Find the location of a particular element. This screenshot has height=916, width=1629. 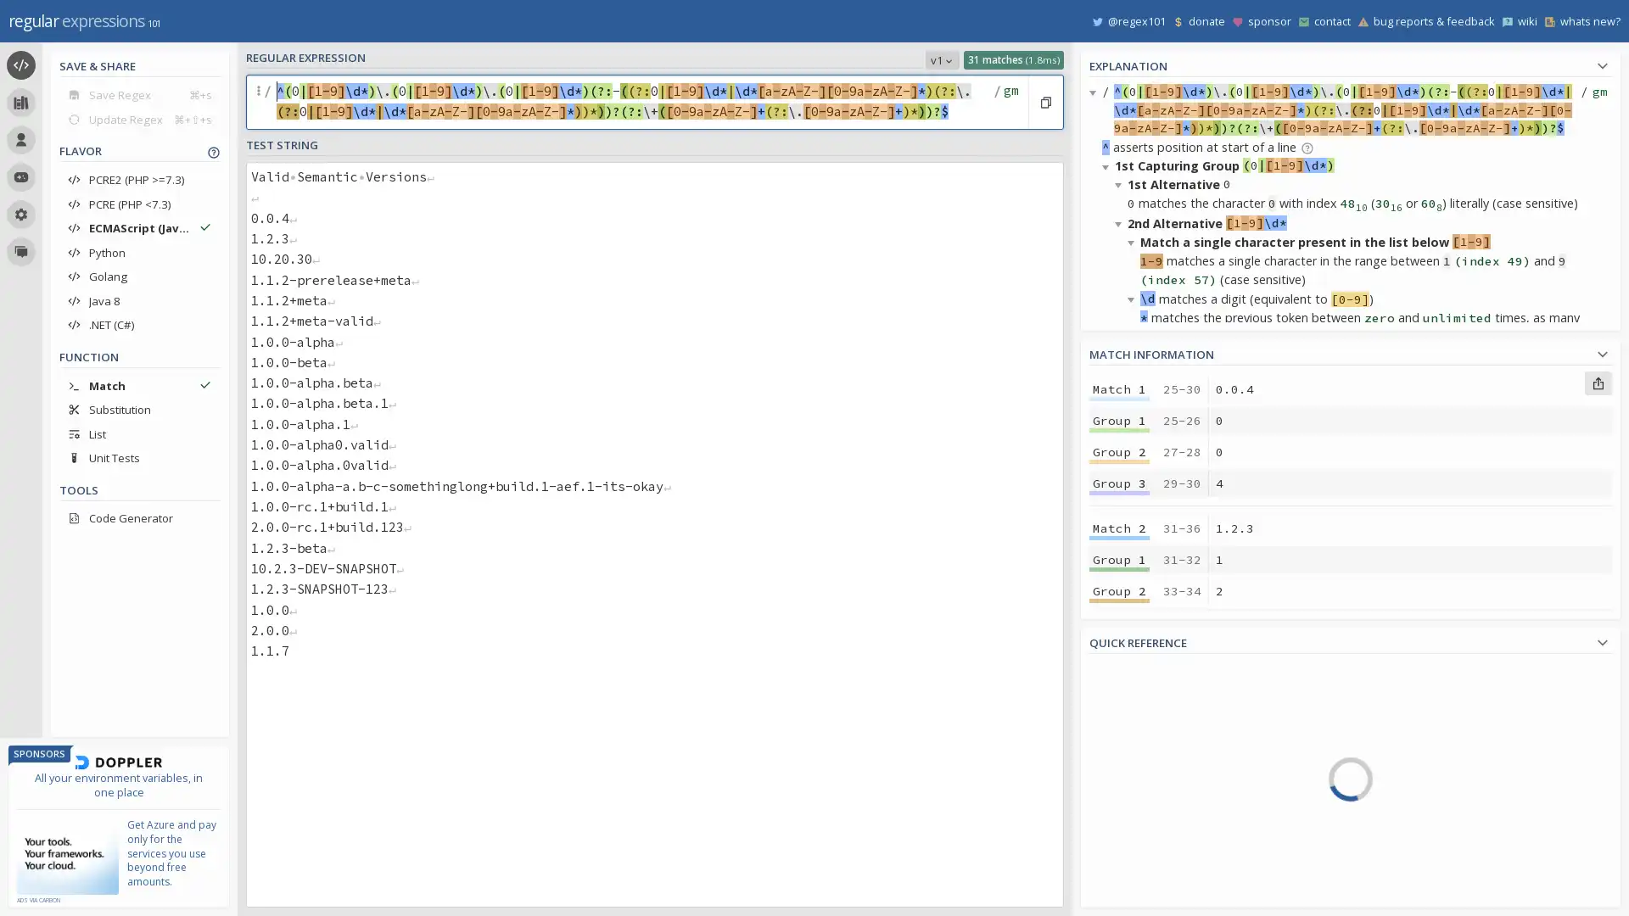

A character except: a, b or c [^abc] is located at coordinates (1435, 695).